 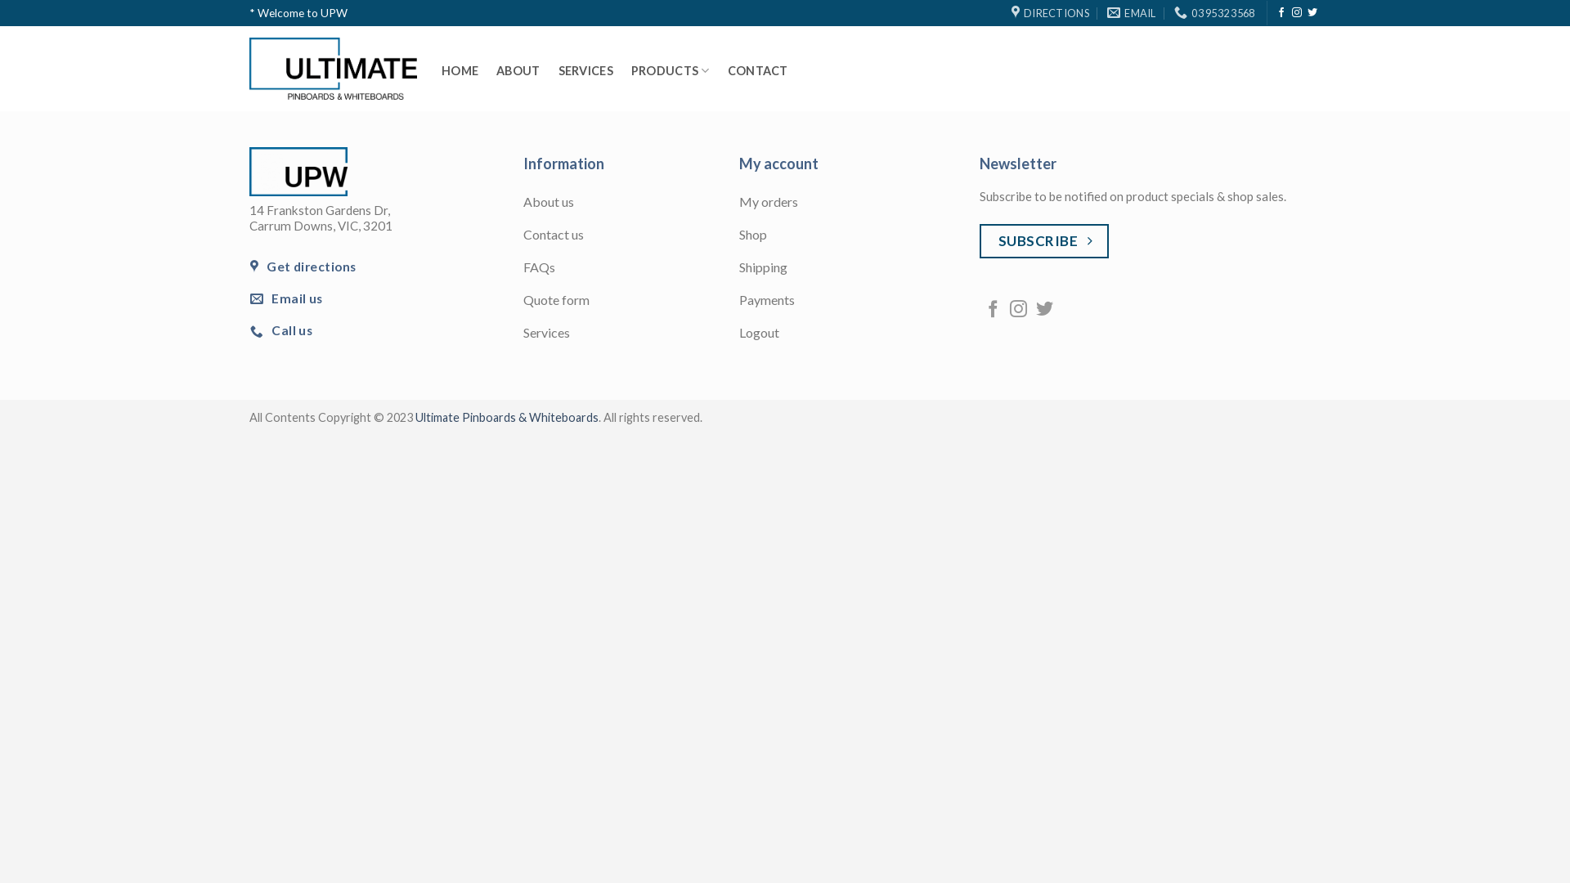 I want to click on 'SUBSCRIBE', so click(x=1043, y=241).